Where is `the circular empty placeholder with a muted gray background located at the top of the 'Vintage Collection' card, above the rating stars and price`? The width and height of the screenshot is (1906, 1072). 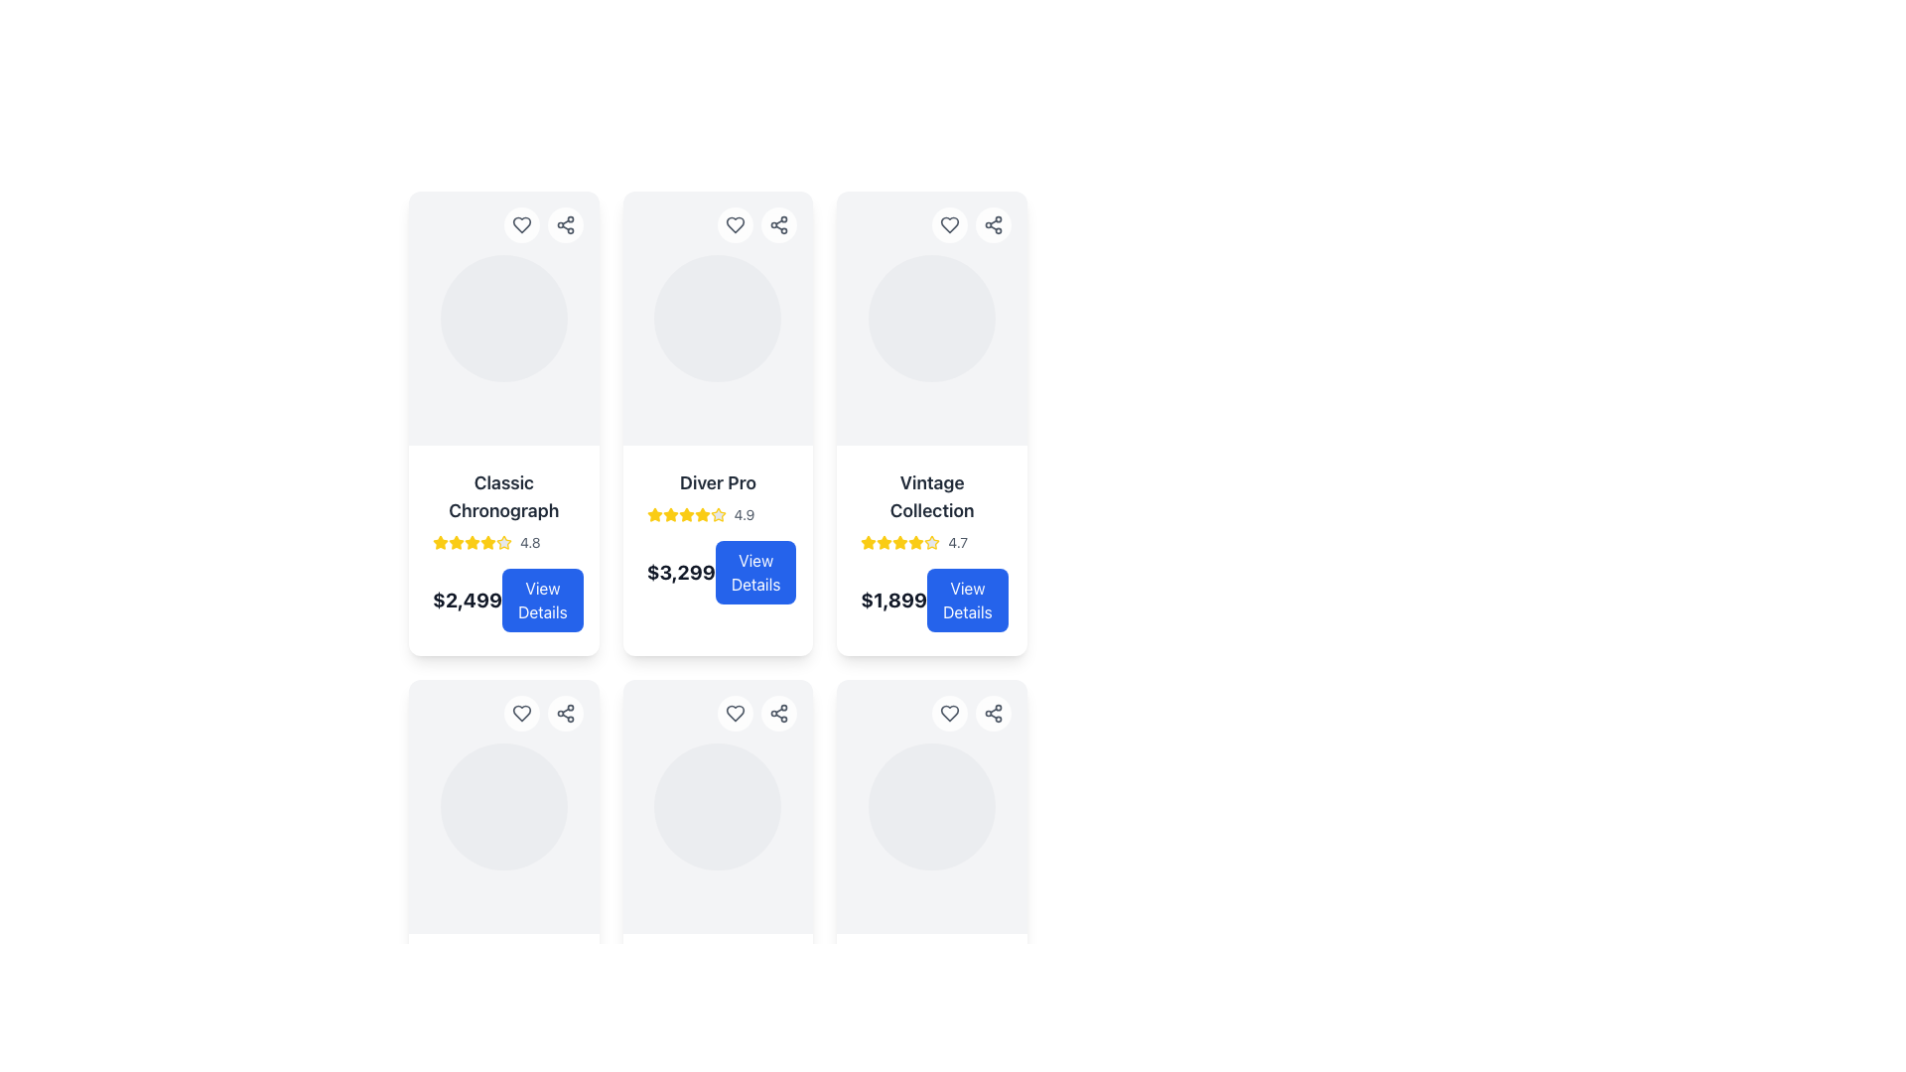 the circular empty placeholder with a muted gray background located at the top of the 'Vintage Collection' card, above the rating stars and price is located at coordinates (931, 317).